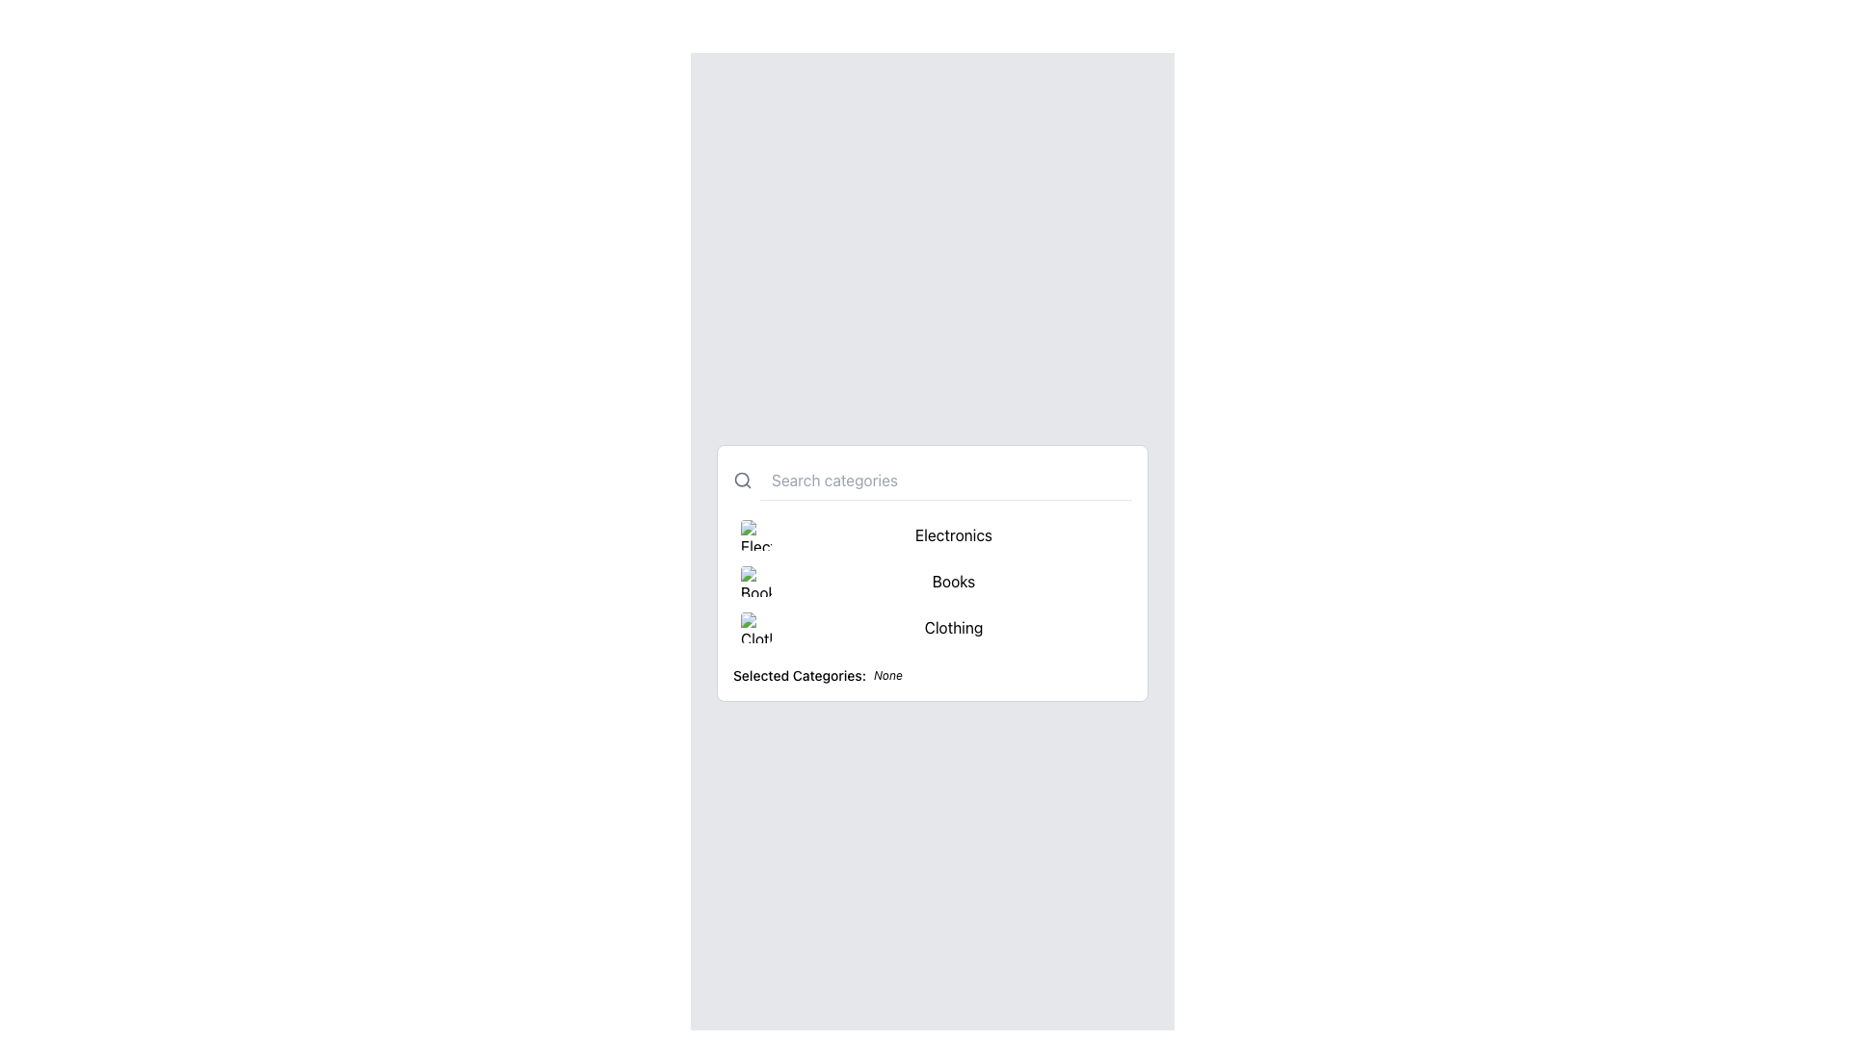 The image size is (1850, 1040). I want to click on the 'Electronics' category icon, which is positioned to the immediate left of the text 'Electronics' in the vertical menu, so click(755, 534).